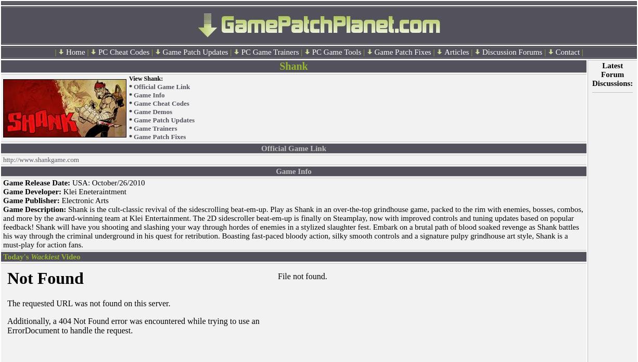  What do you see at coordinates (146, 79) in the screenshot?
I see `'View Shank:'` at bounding box center [146, 79].